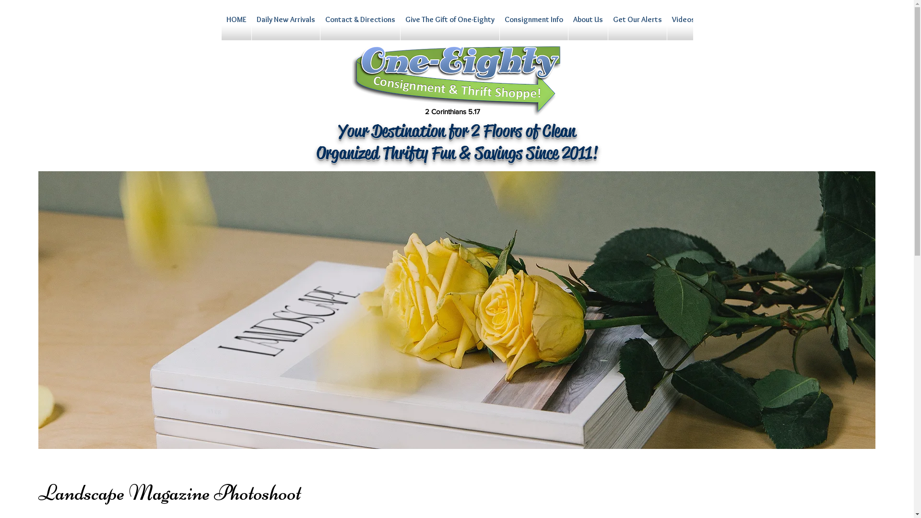  Describe the element at coordinates (533, 27) in the screenshot. I see `'Consignment Info'` at that location.